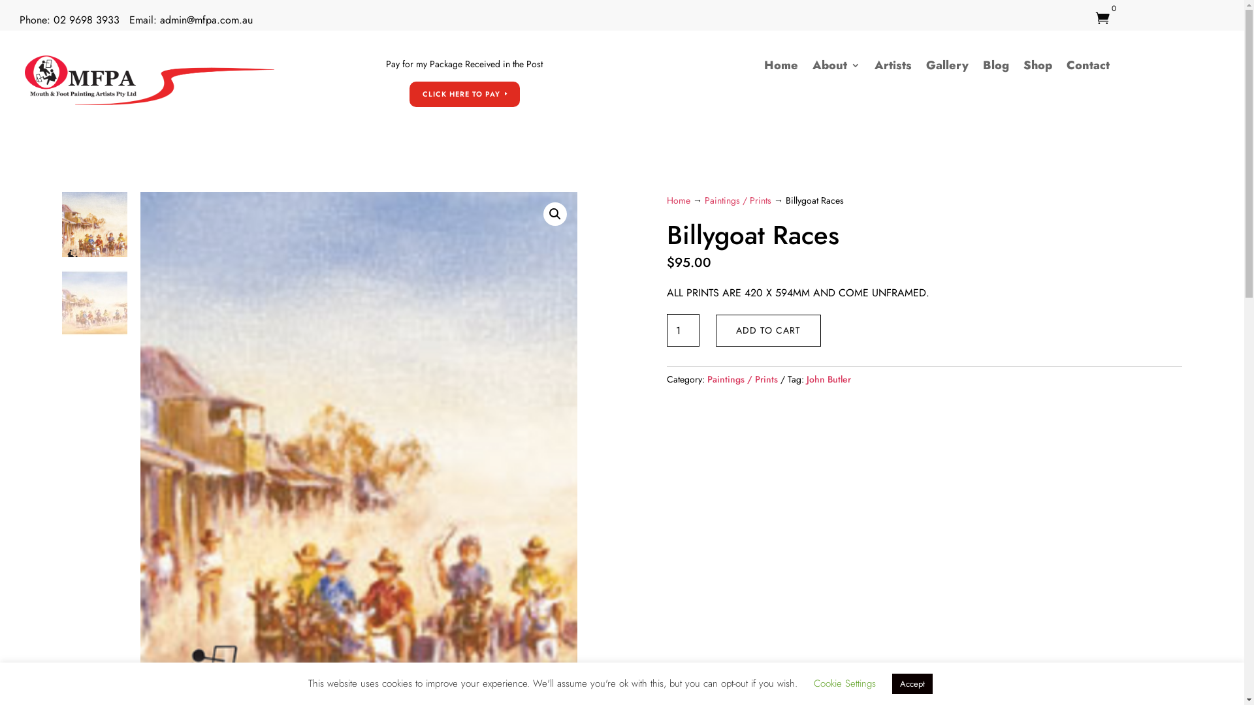 This screenshot has height=705, width=1254. I want to click on 'Cookie Settings', so click(844, 682).